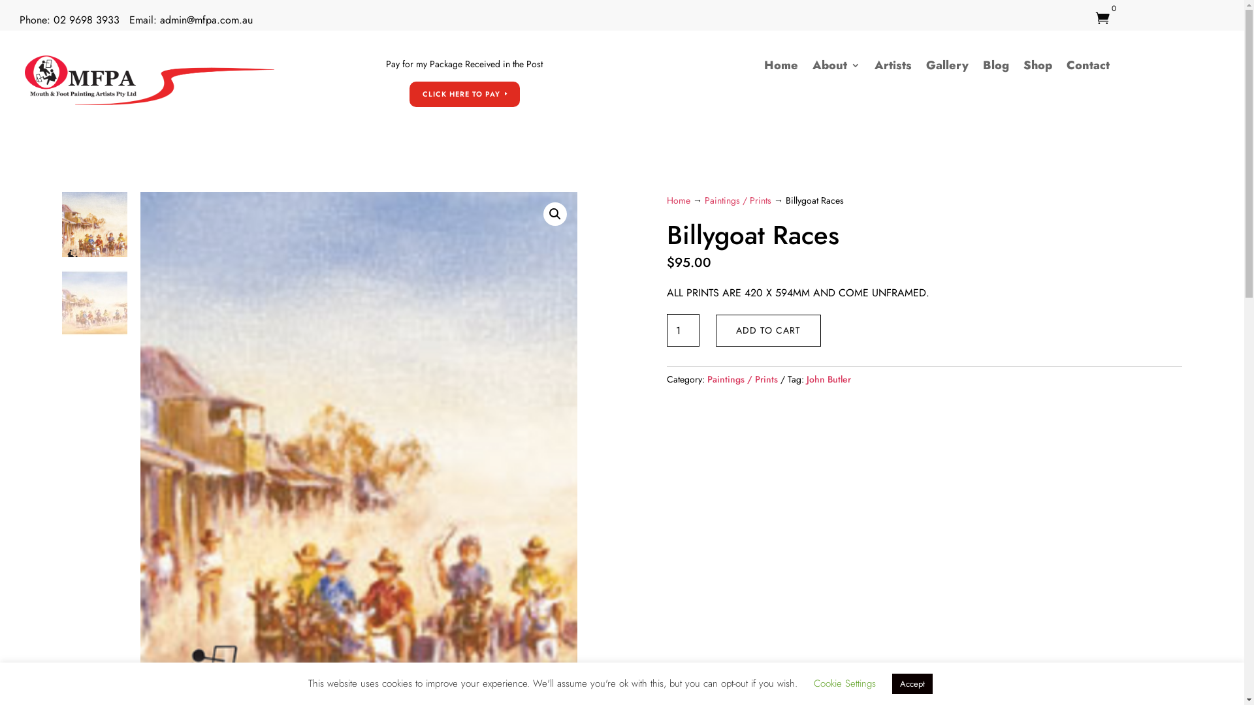 This screenshot has height=705, width=1254. I want to click on 'Cookie Settings', so click(844, 682).